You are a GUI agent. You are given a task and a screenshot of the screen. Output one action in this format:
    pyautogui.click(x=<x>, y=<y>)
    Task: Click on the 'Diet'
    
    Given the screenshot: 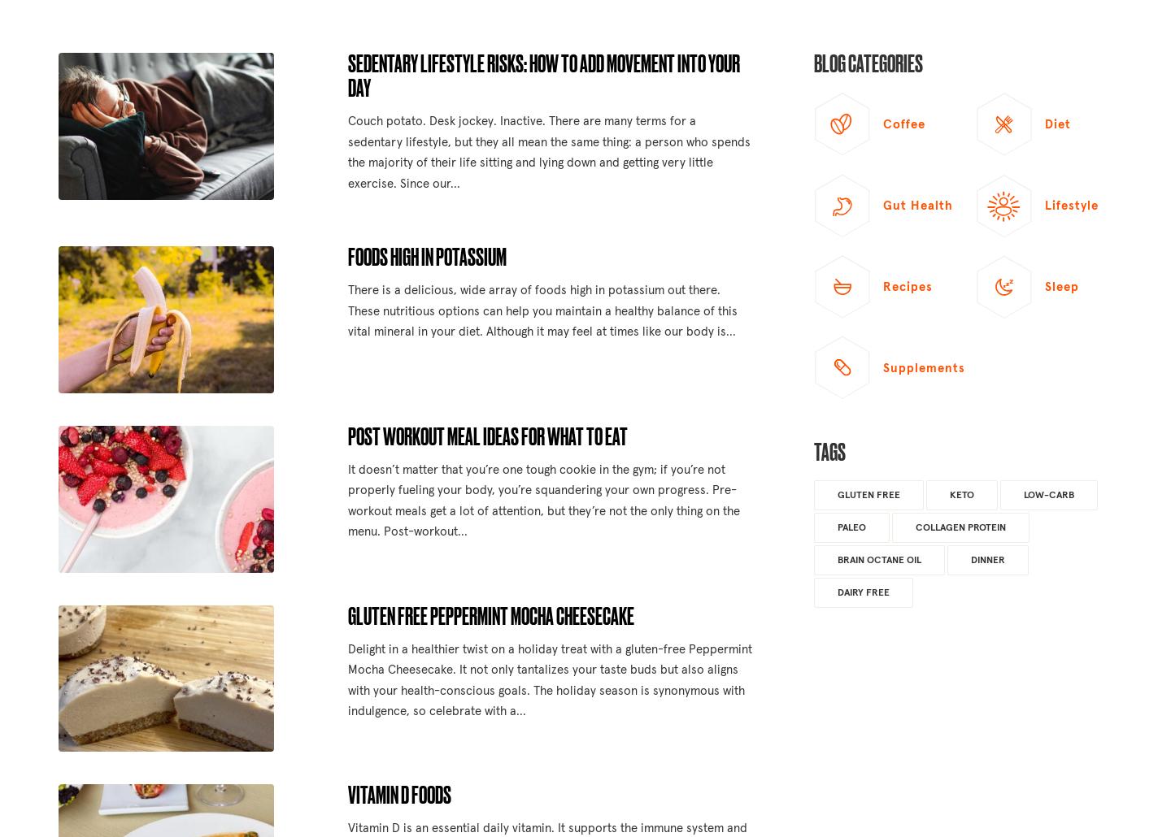 What is the action you would take?
    pyautogui.click(x=1057, y=124)
    